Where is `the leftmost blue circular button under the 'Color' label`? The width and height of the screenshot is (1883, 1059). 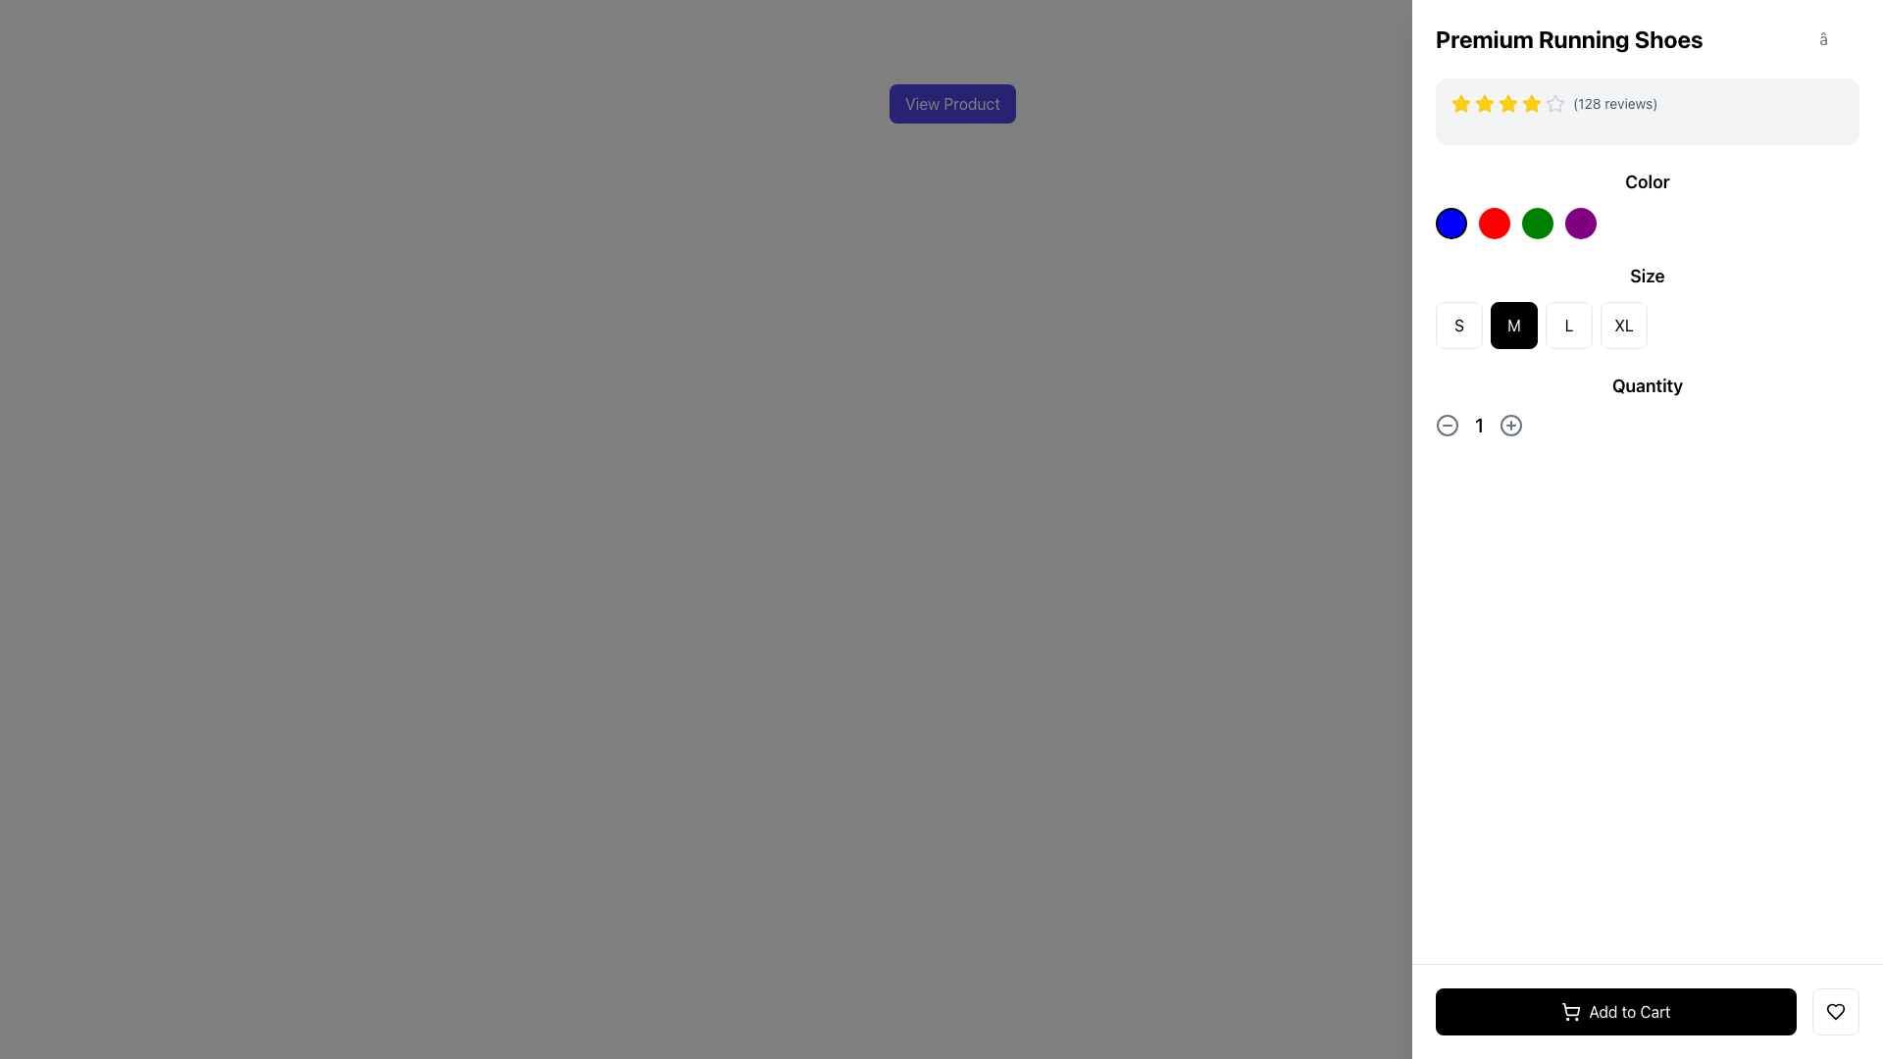 the leftmost blue circular button under the 'Color' label is located at coordinates (1450, 222).